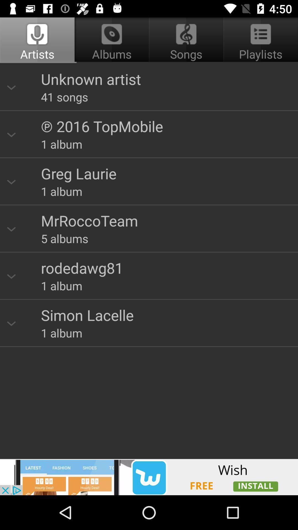 The image size is (298, 530). Describe the element at coordinates (149, 477) in the screenshot. I see `open advertisement` at that location.